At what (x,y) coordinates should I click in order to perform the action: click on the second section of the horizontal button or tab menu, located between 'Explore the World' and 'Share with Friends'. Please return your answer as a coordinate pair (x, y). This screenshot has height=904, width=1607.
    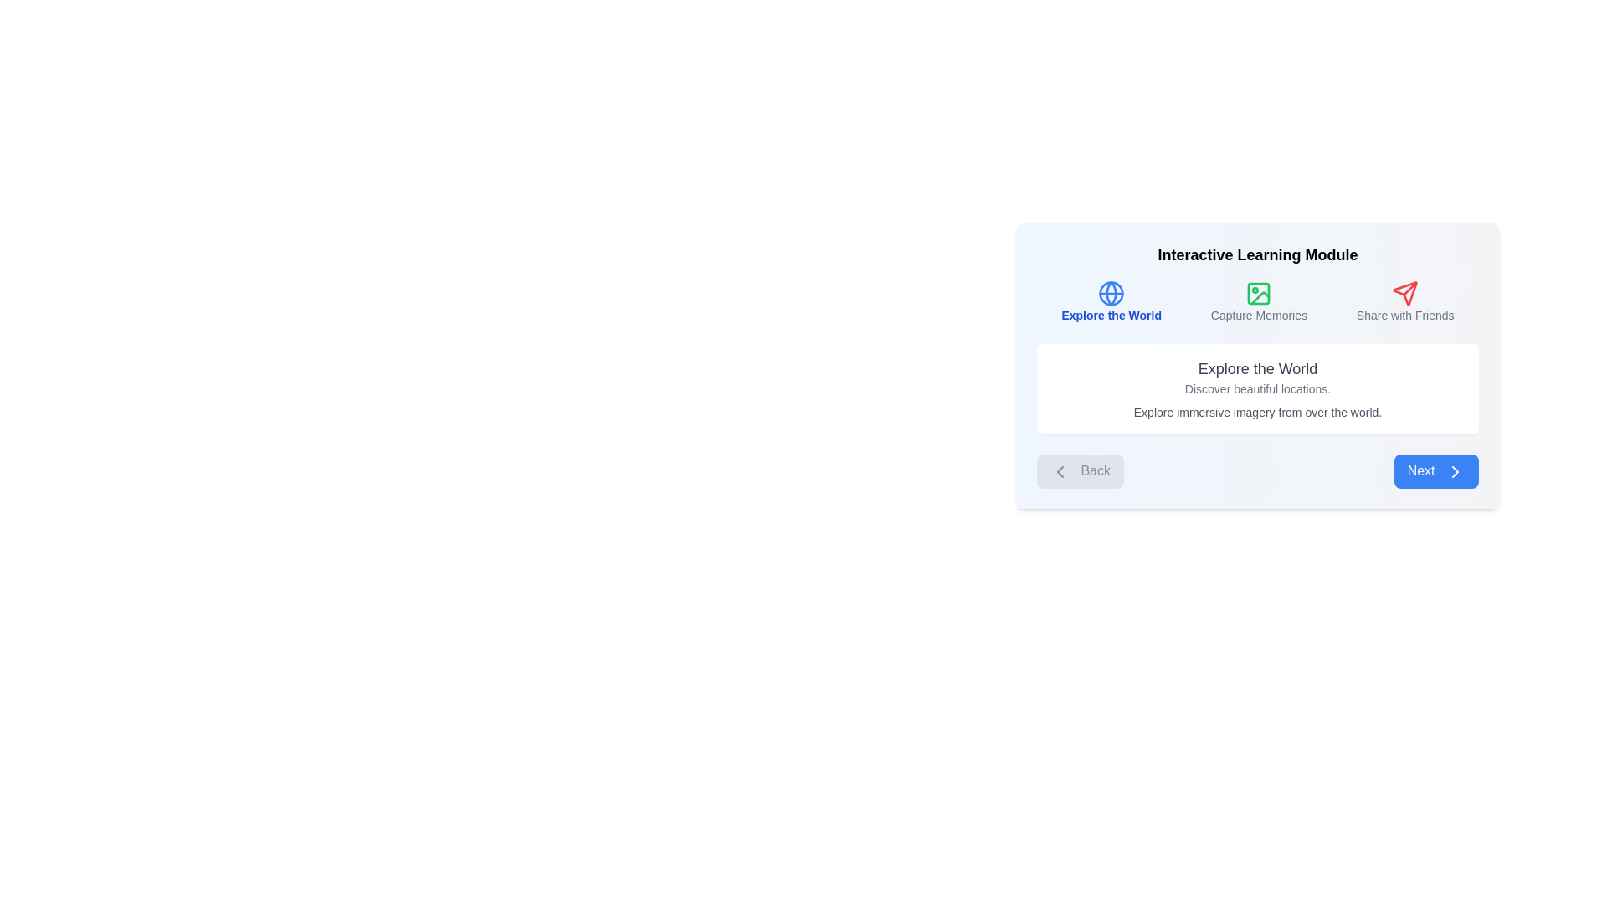
    Looking at the image, I should click on (1257, 302).